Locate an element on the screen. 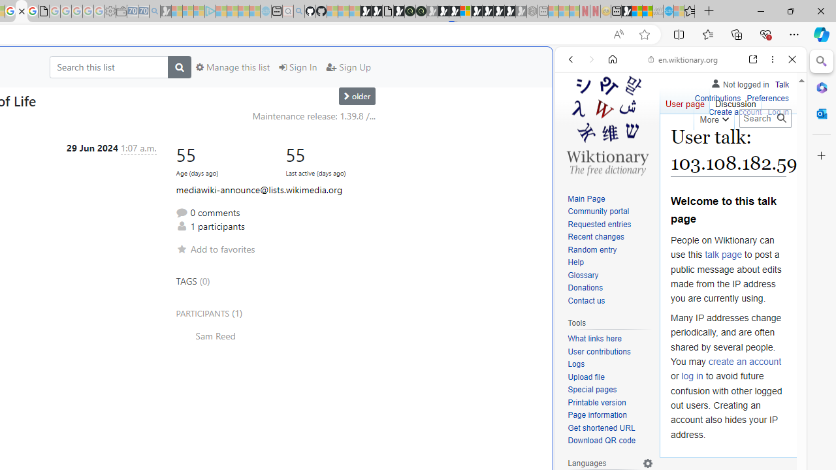  'create an account' is located at coordinates (745, 361).